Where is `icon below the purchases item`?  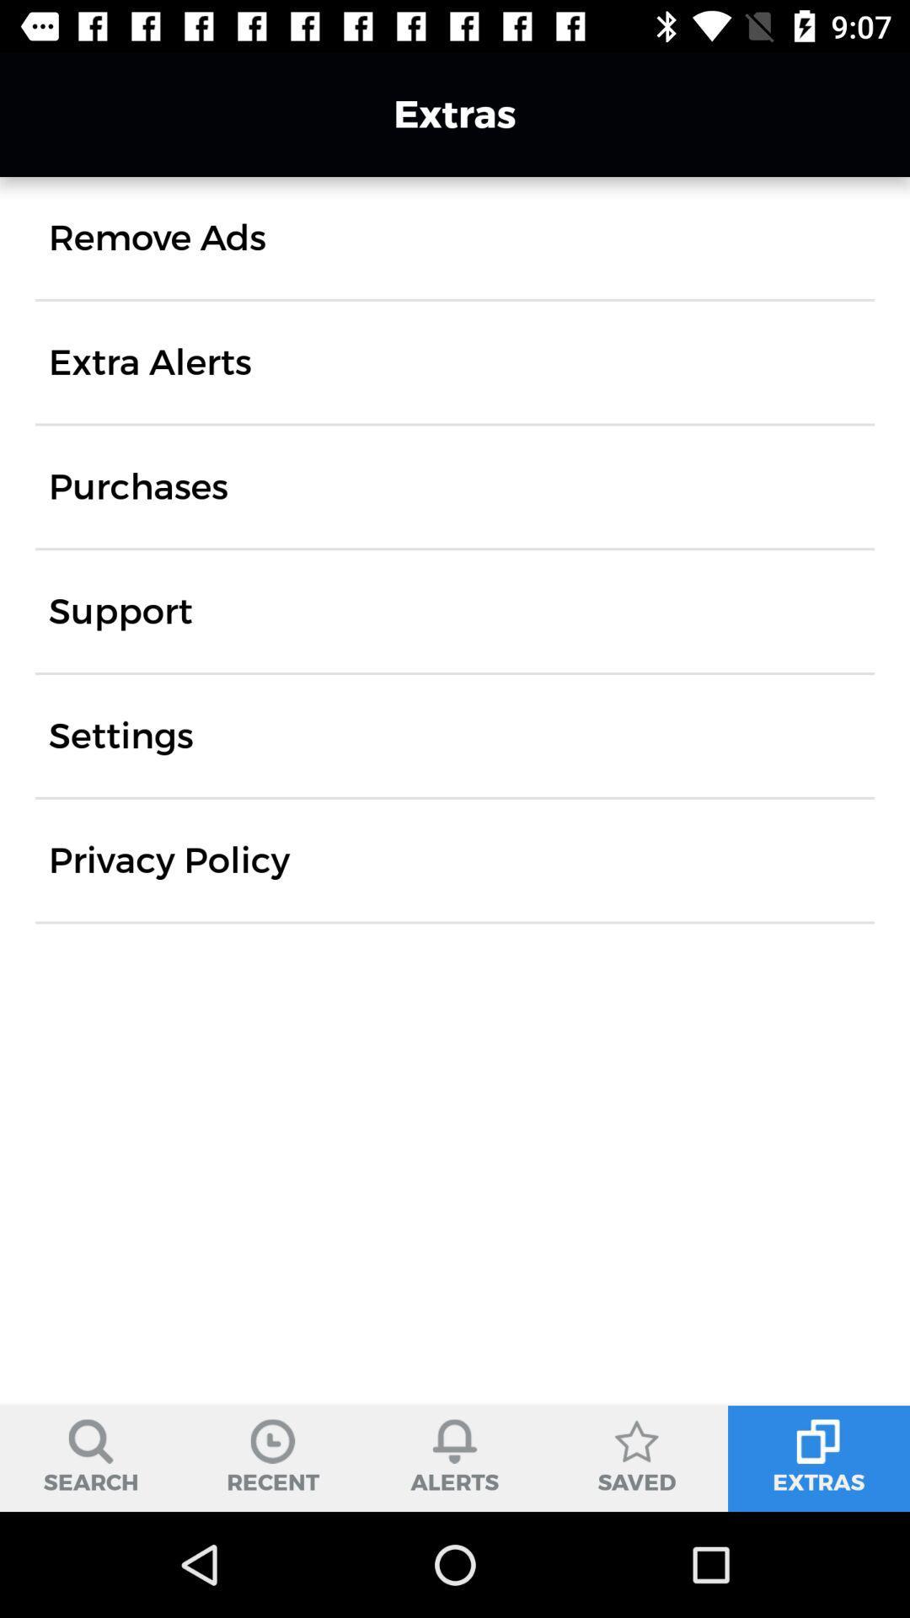
icon below the purchases item is located at coordinates (120, 610).